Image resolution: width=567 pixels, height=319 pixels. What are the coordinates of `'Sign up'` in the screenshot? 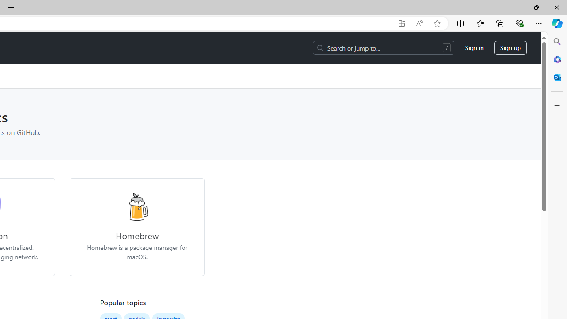 It's located at (510, 48).